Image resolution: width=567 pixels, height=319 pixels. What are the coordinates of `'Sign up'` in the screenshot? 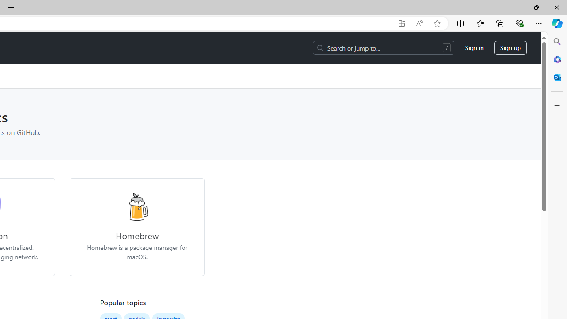 It's located at (510, 48).